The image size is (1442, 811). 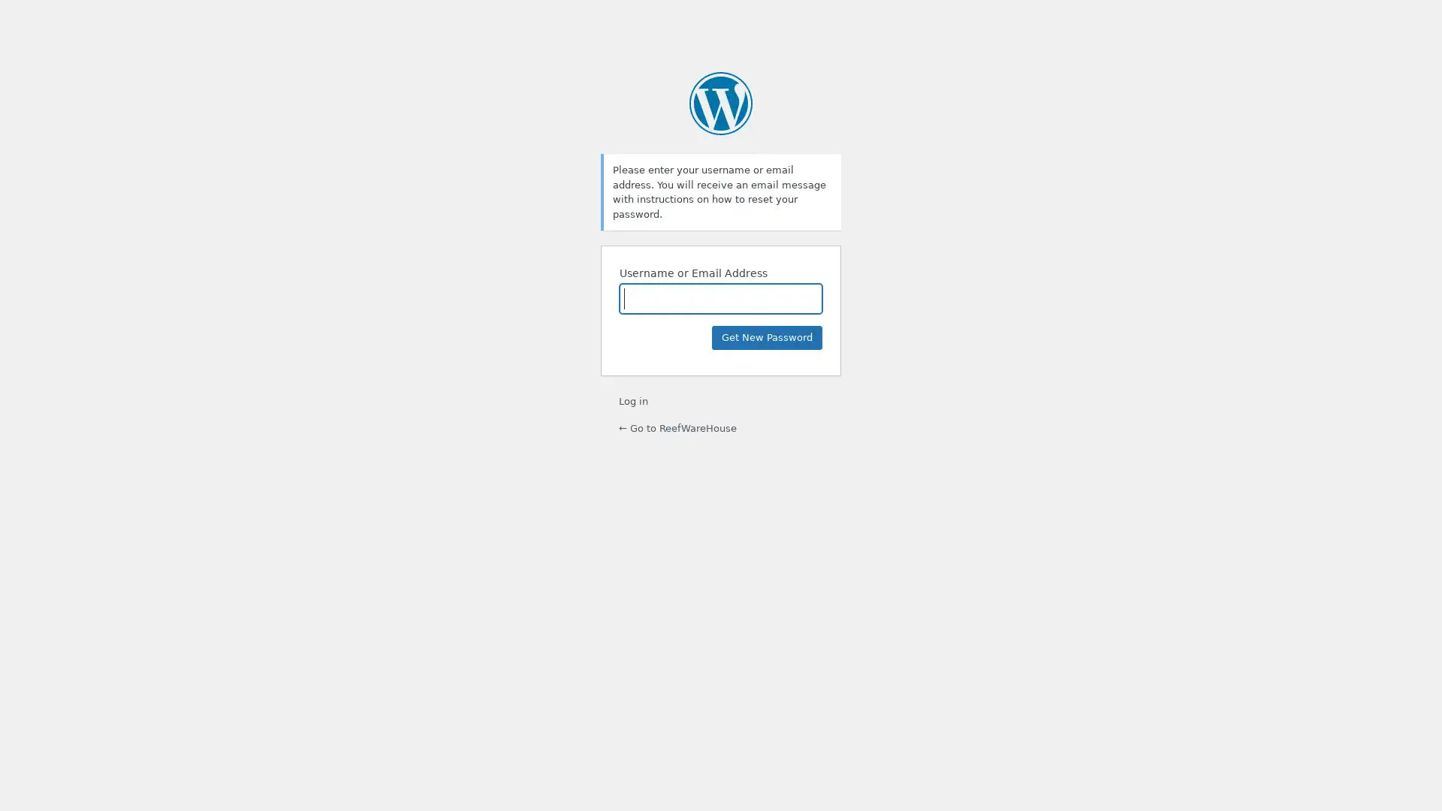 I want to click on Get New Password, so click(x=767, y=338).